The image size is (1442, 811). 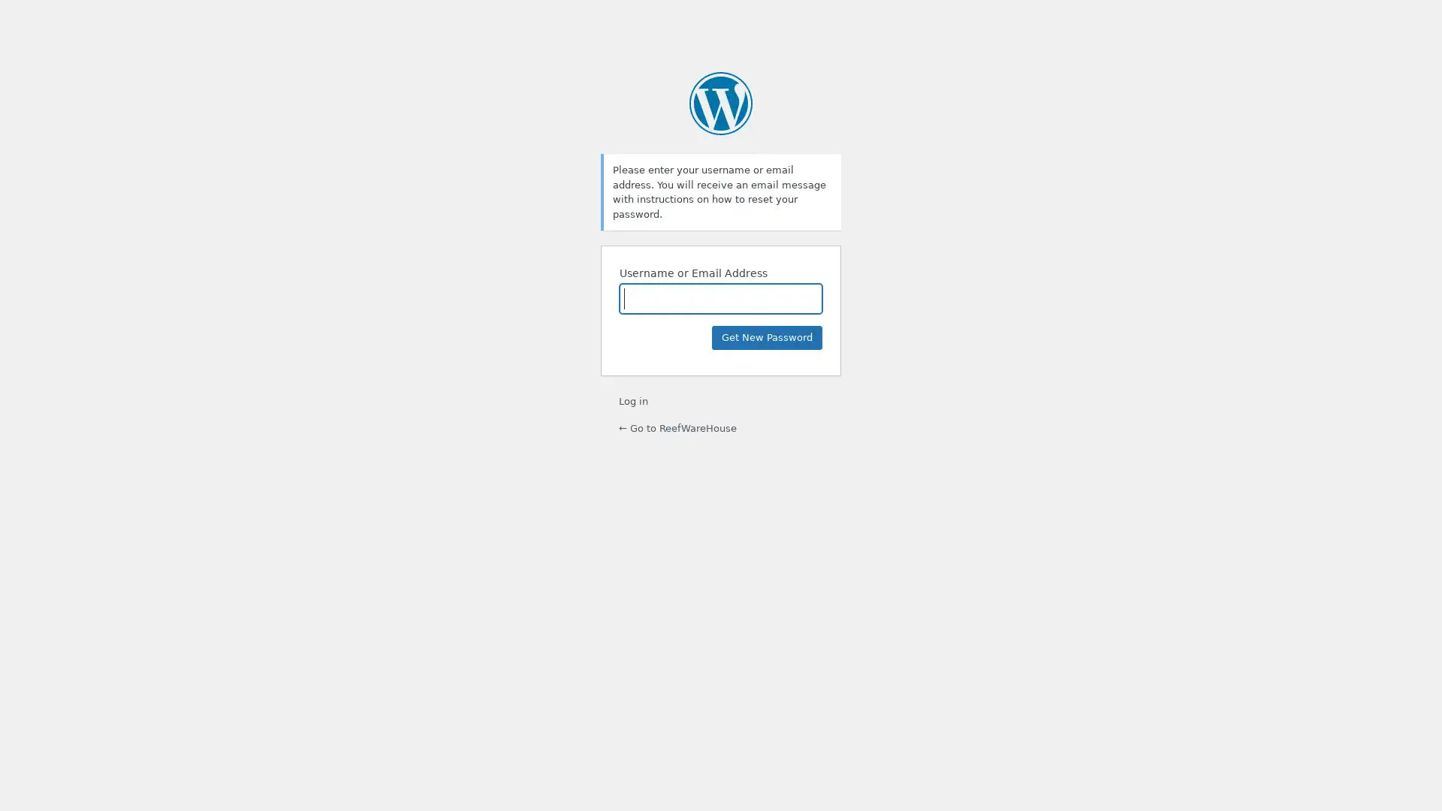 I want to click on Get New Password, so click(x=767, y=338).